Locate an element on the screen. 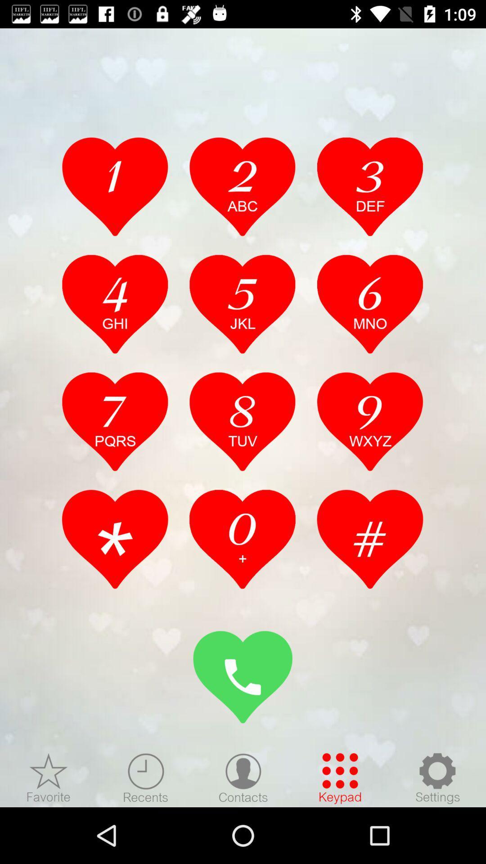  keypad is used to dial the number is located at coordinates (340, 778).